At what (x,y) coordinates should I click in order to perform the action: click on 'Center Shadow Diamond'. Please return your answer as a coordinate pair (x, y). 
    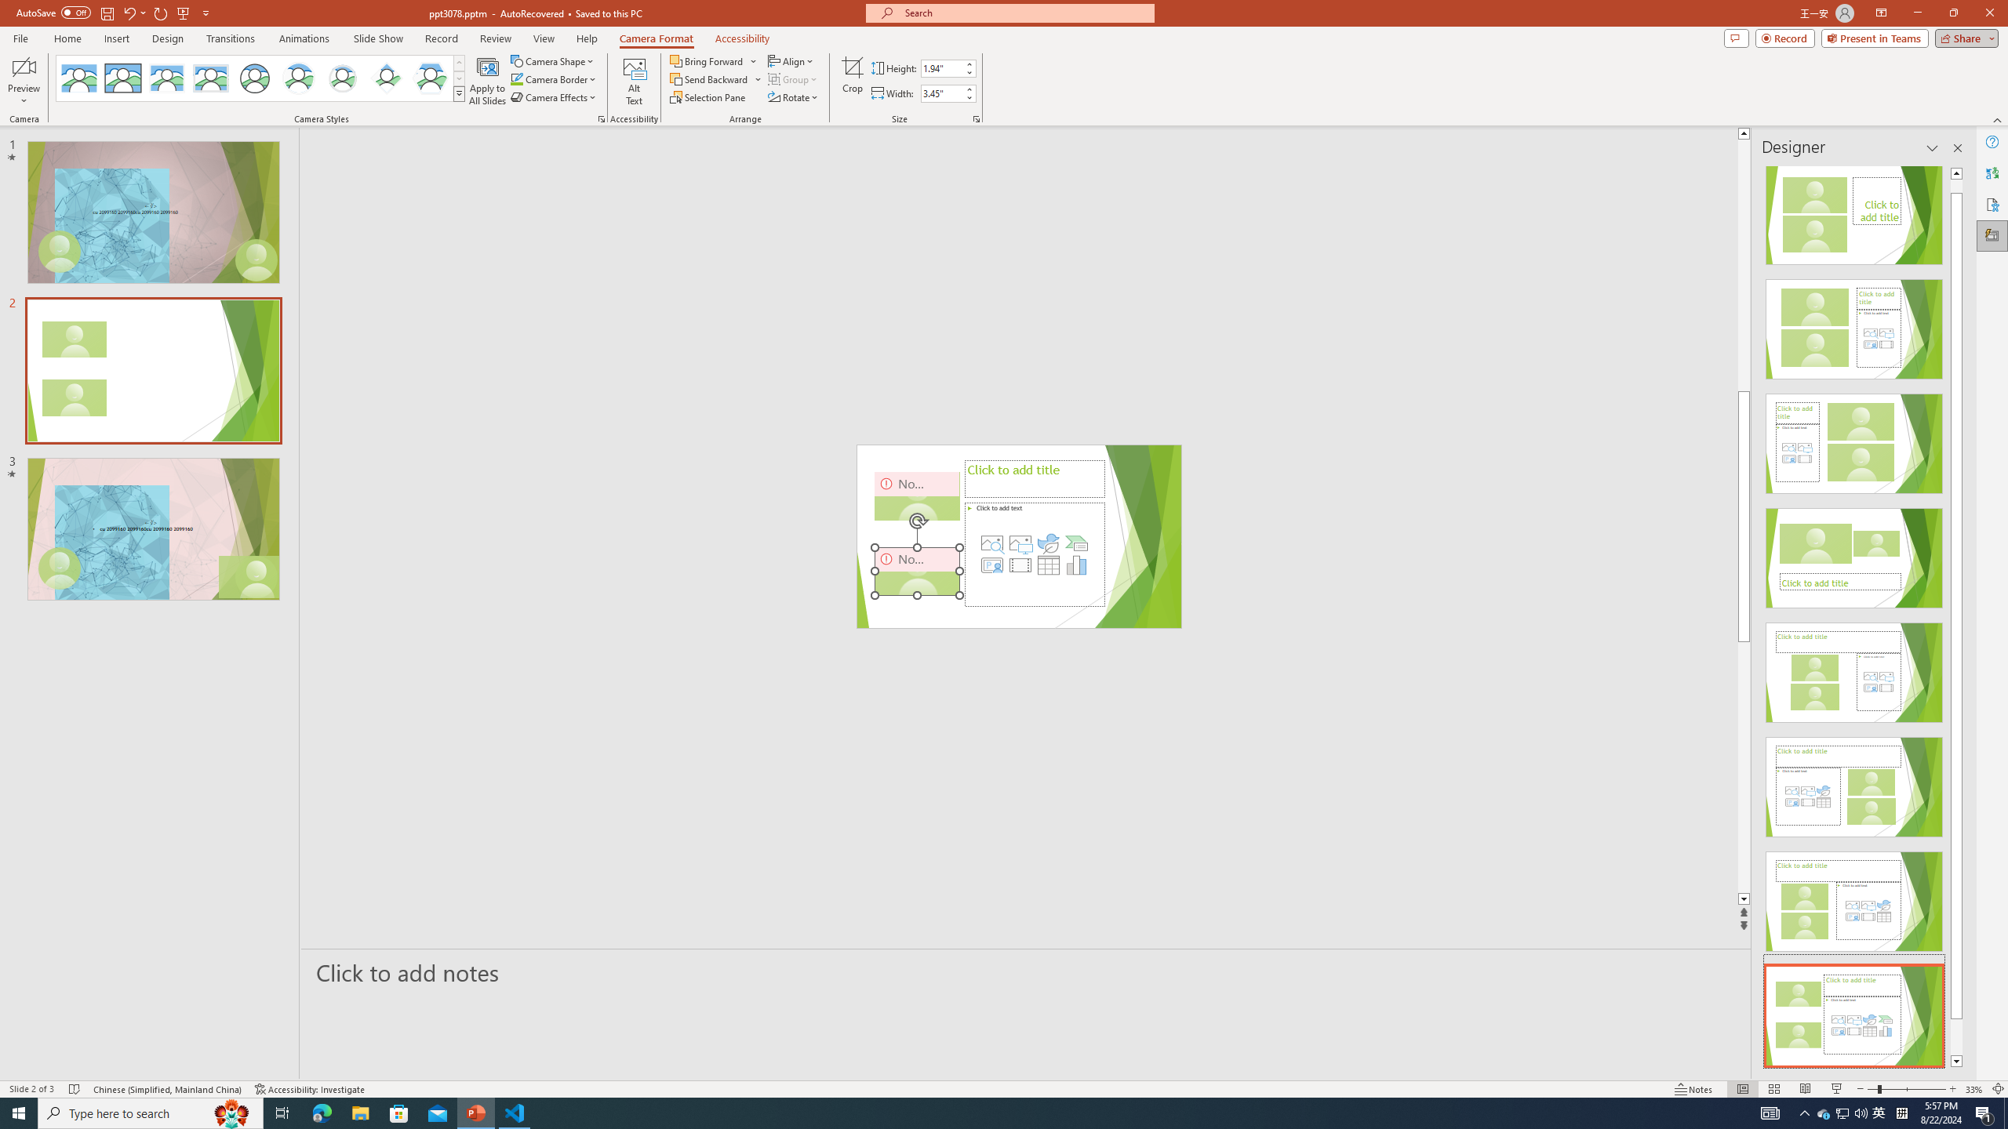
    Looking at the image, I should click on (387, 78).